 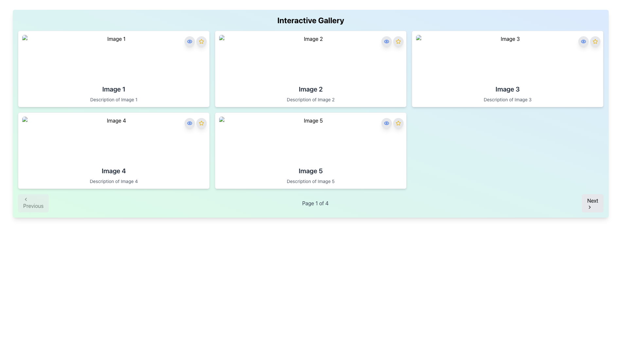 What do you see at coordinates (507, 58) in the screenshot?
I see `the image component displaying 'Image 3' located at the top of the card` at bounding box center [507, 58].